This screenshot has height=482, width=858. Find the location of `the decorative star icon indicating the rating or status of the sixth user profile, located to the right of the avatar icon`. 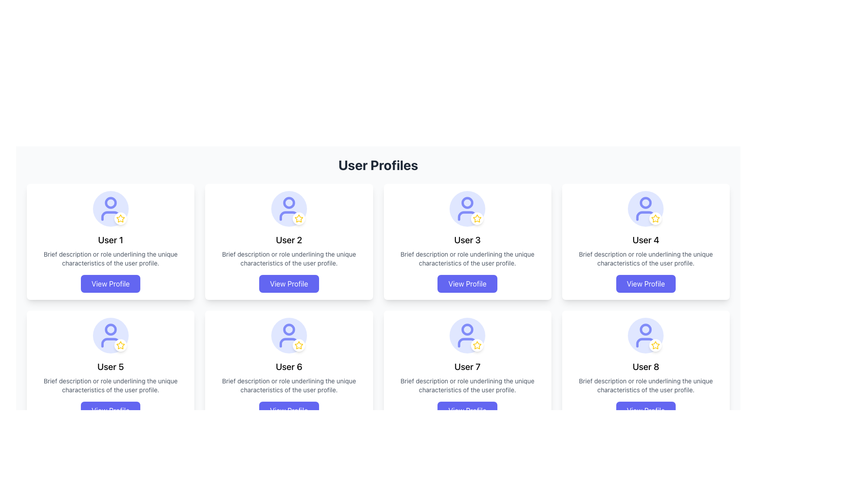

the decorative star icon indicating the rating or status of the sixth user profile, located to the right of the avatar icon is located at coordinates (299, 345).